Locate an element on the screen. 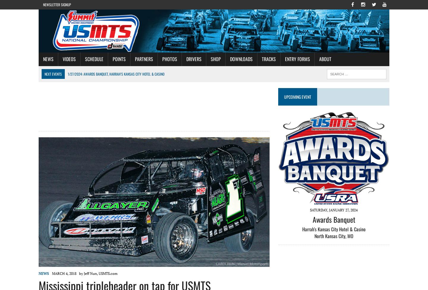 Image resolution: width=428 pixels, height=290 pixels. 'March 4, 2018' is located at coordinates (65, 273).